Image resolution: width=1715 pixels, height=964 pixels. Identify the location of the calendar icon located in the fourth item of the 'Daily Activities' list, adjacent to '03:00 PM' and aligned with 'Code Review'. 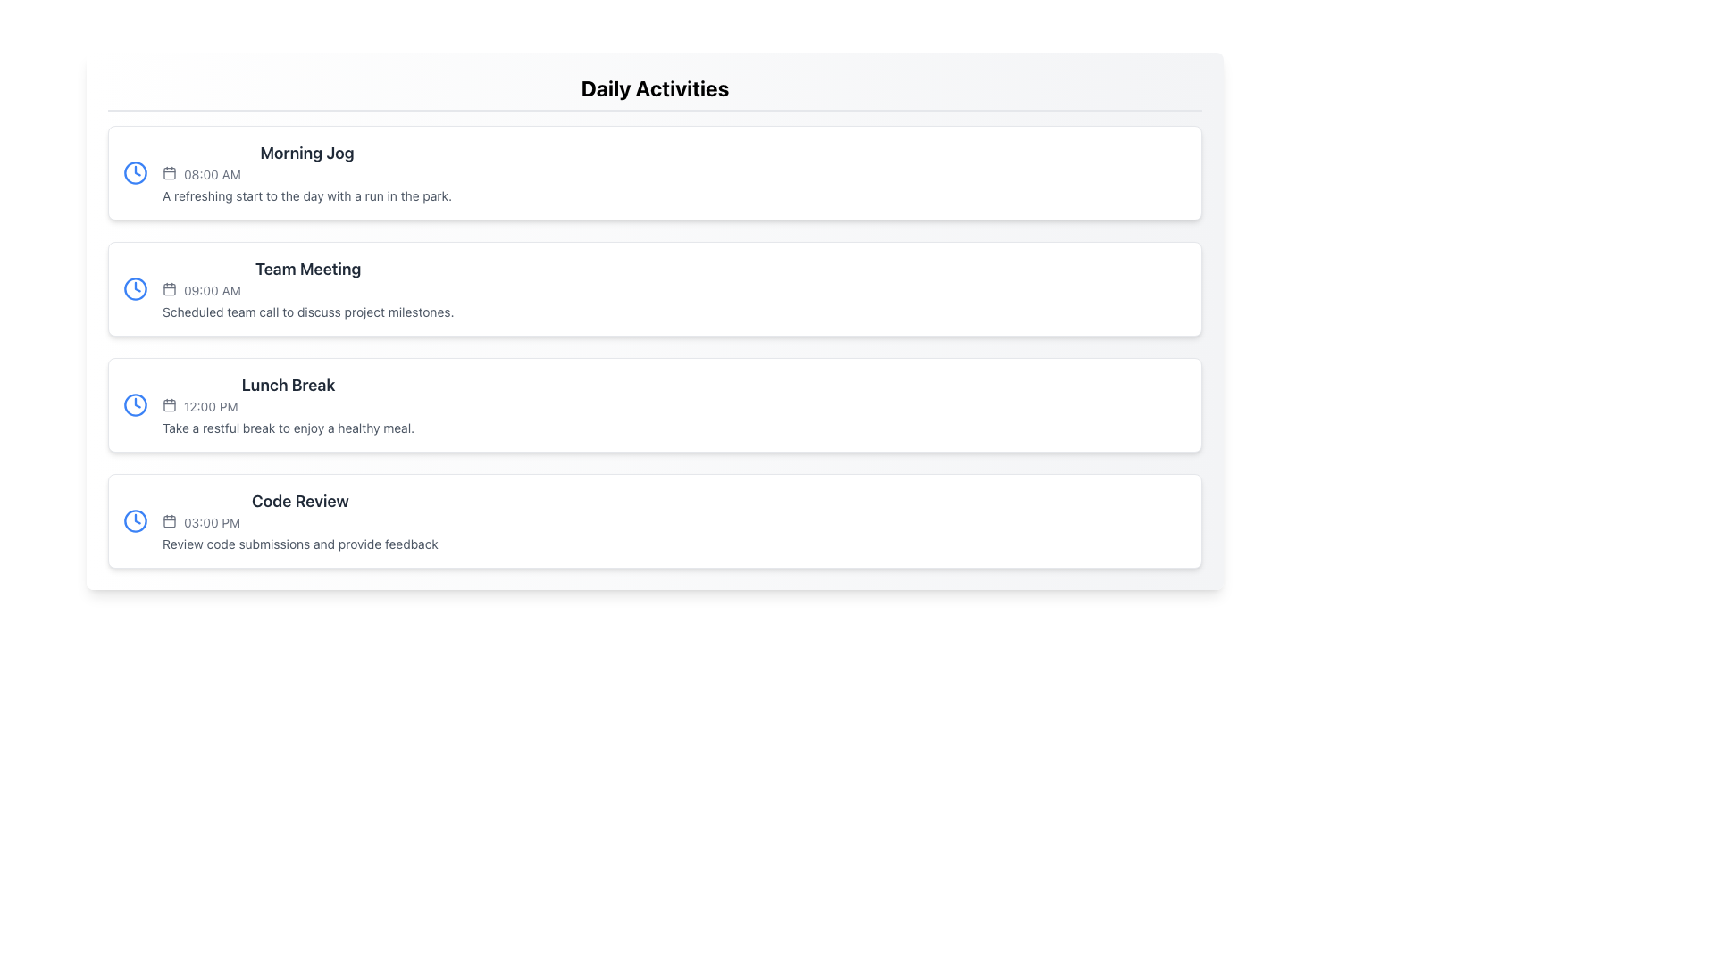
(170, 520).